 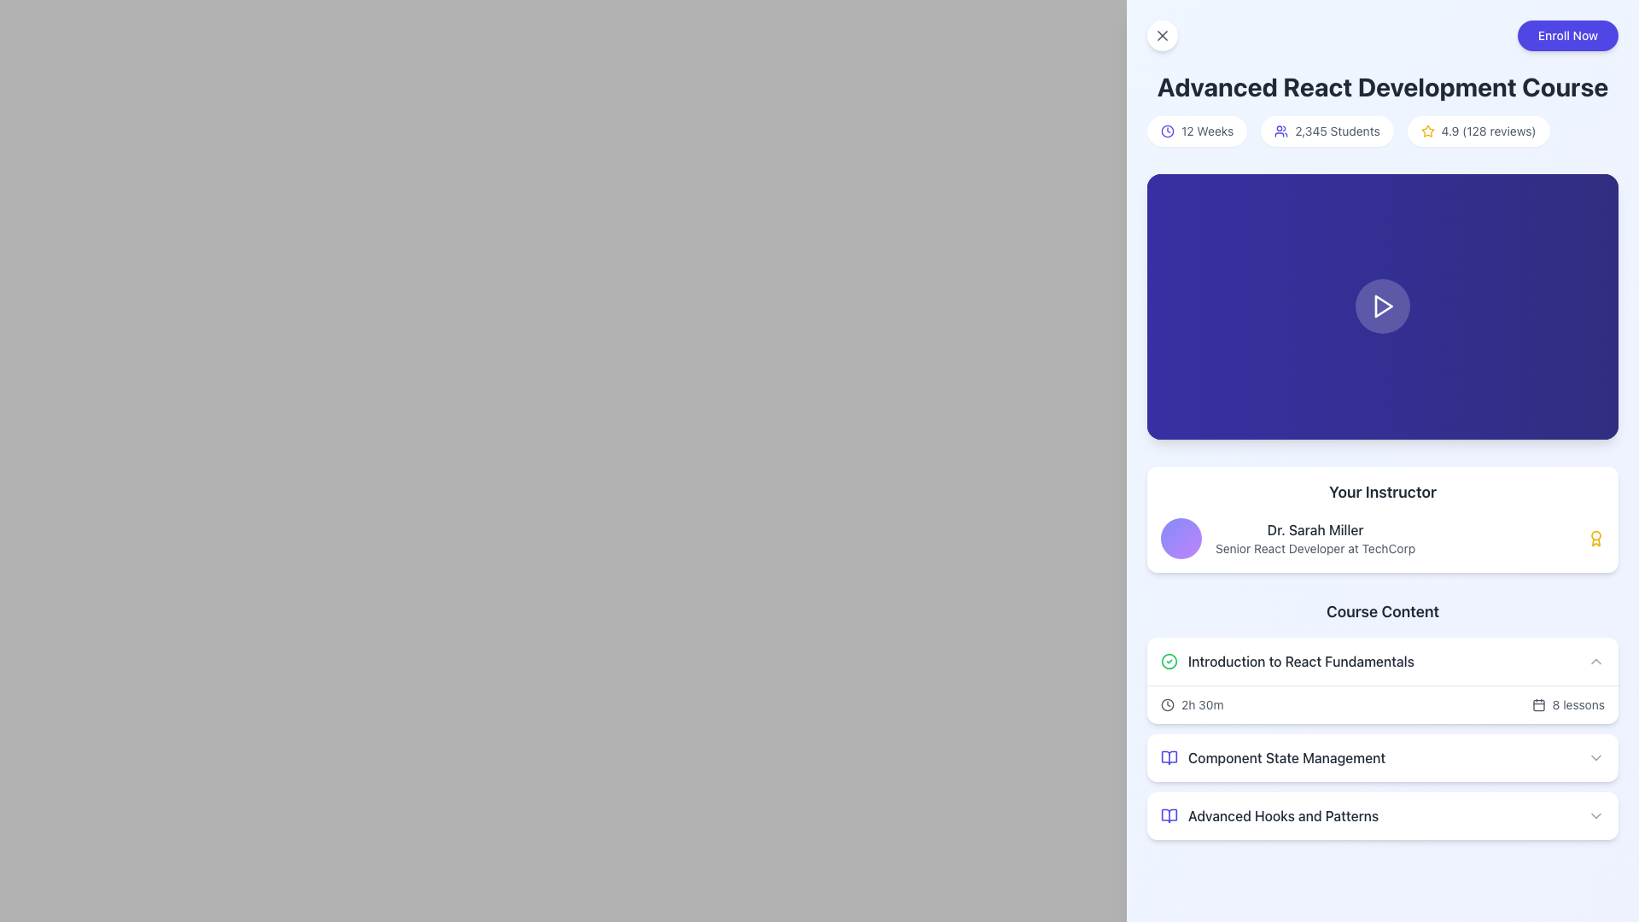 What do you see at coordinates (1162, 36) in the screenshot?
I see `the 'X' icon inside the white circular button located at the top-left corner of the interface` at bounding box center [1162, 36].